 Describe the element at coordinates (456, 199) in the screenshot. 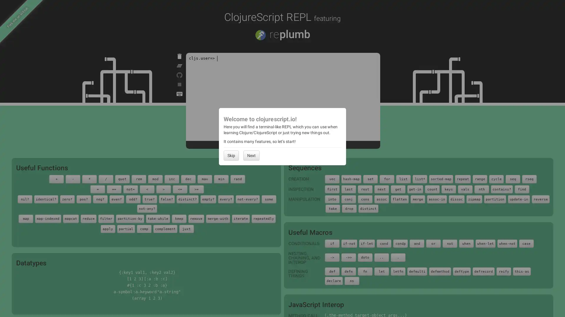

I see `dissoc` at that location.